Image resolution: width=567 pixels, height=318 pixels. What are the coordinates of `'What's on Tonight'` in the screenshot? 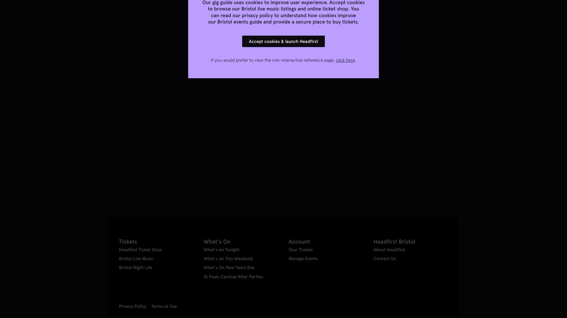 It's located at (203, 250).